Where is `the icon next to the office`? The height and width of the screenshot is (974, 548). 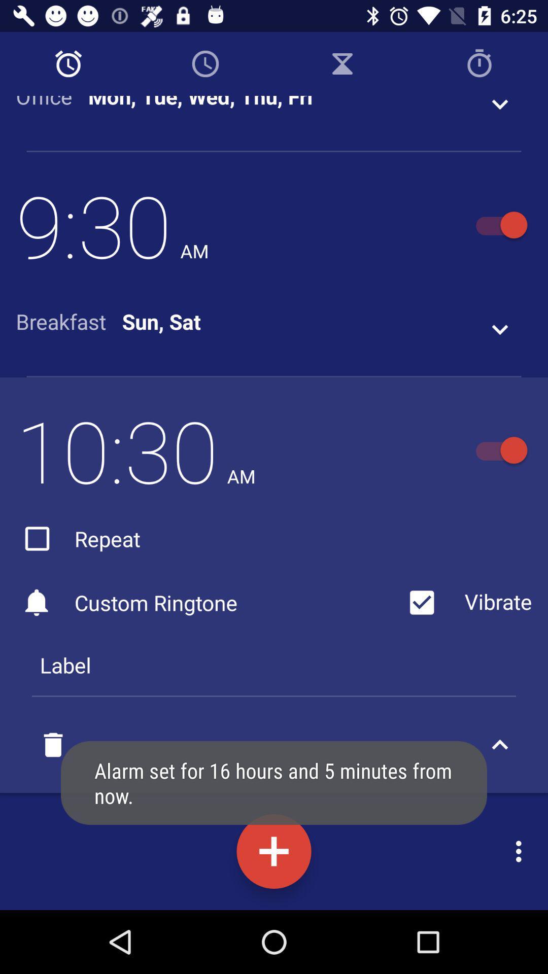
the icon next to the office is located at coordinates (200, 103).